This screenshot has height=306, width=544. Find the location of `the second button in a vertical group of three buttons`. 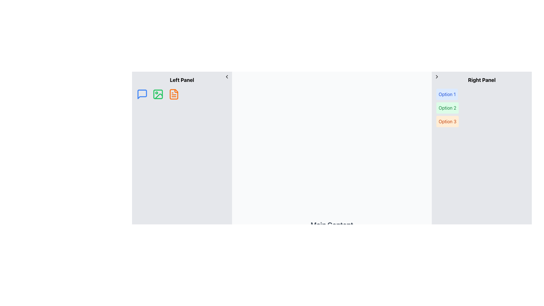

the second button in a vertical group of three buttons is located at coordinates (447, 108).